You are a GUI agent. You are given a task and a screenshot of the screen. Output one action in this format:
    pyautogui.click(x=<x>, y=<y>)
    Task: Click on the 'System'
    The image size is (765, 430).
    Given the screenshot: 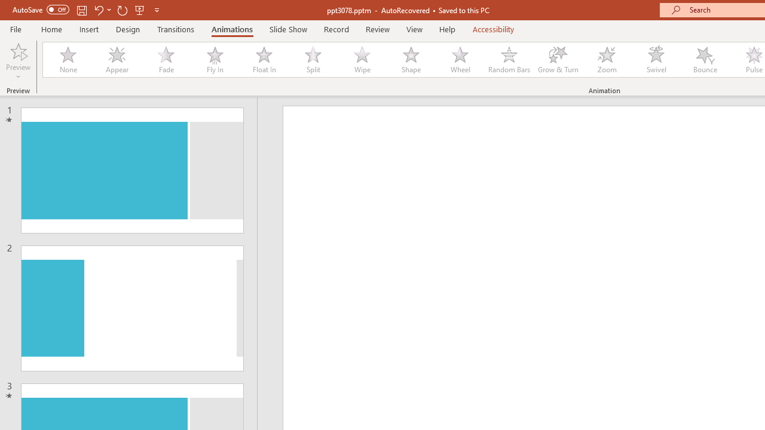 What is the action you would take?
    pyautogui.click(x=6, y=7)
    